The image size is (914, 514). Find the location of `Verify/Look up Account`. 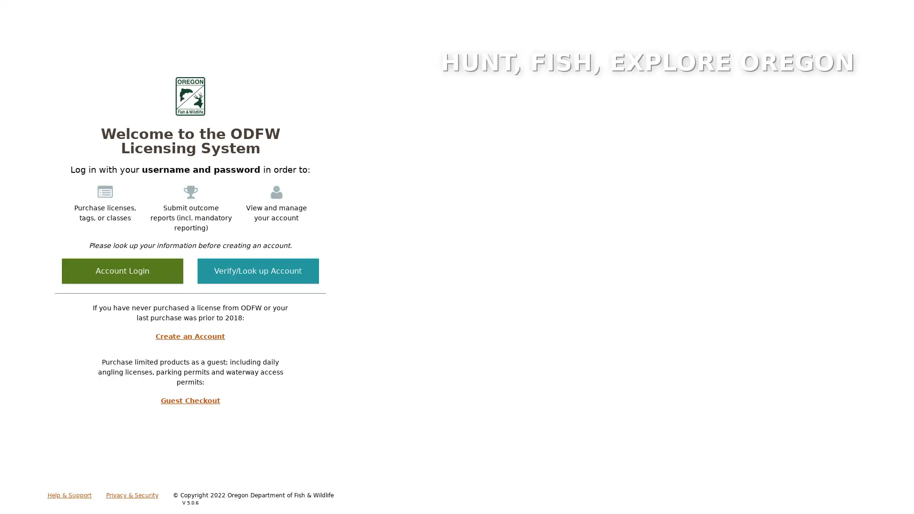

Verify/Look up Account is located at coordinates (258, 271).